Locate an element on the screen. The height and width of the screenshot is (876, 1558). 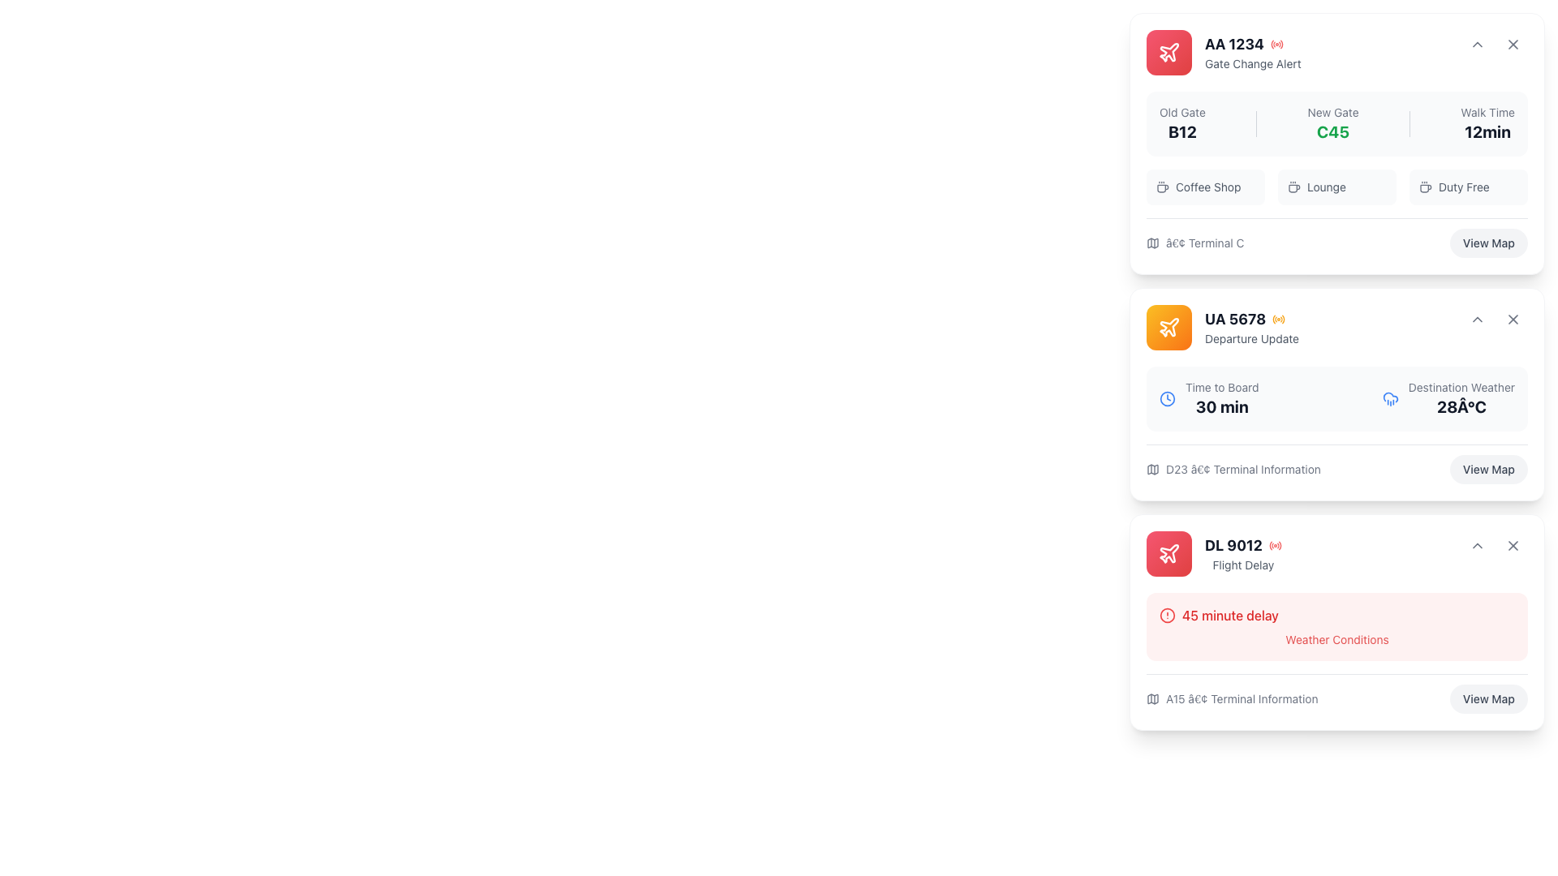
contents of the informational card section located at the top of the vertically stacked list, which provides navigation-related information including gate transitions and estimated walking time is located at coordinates (1336, 123).